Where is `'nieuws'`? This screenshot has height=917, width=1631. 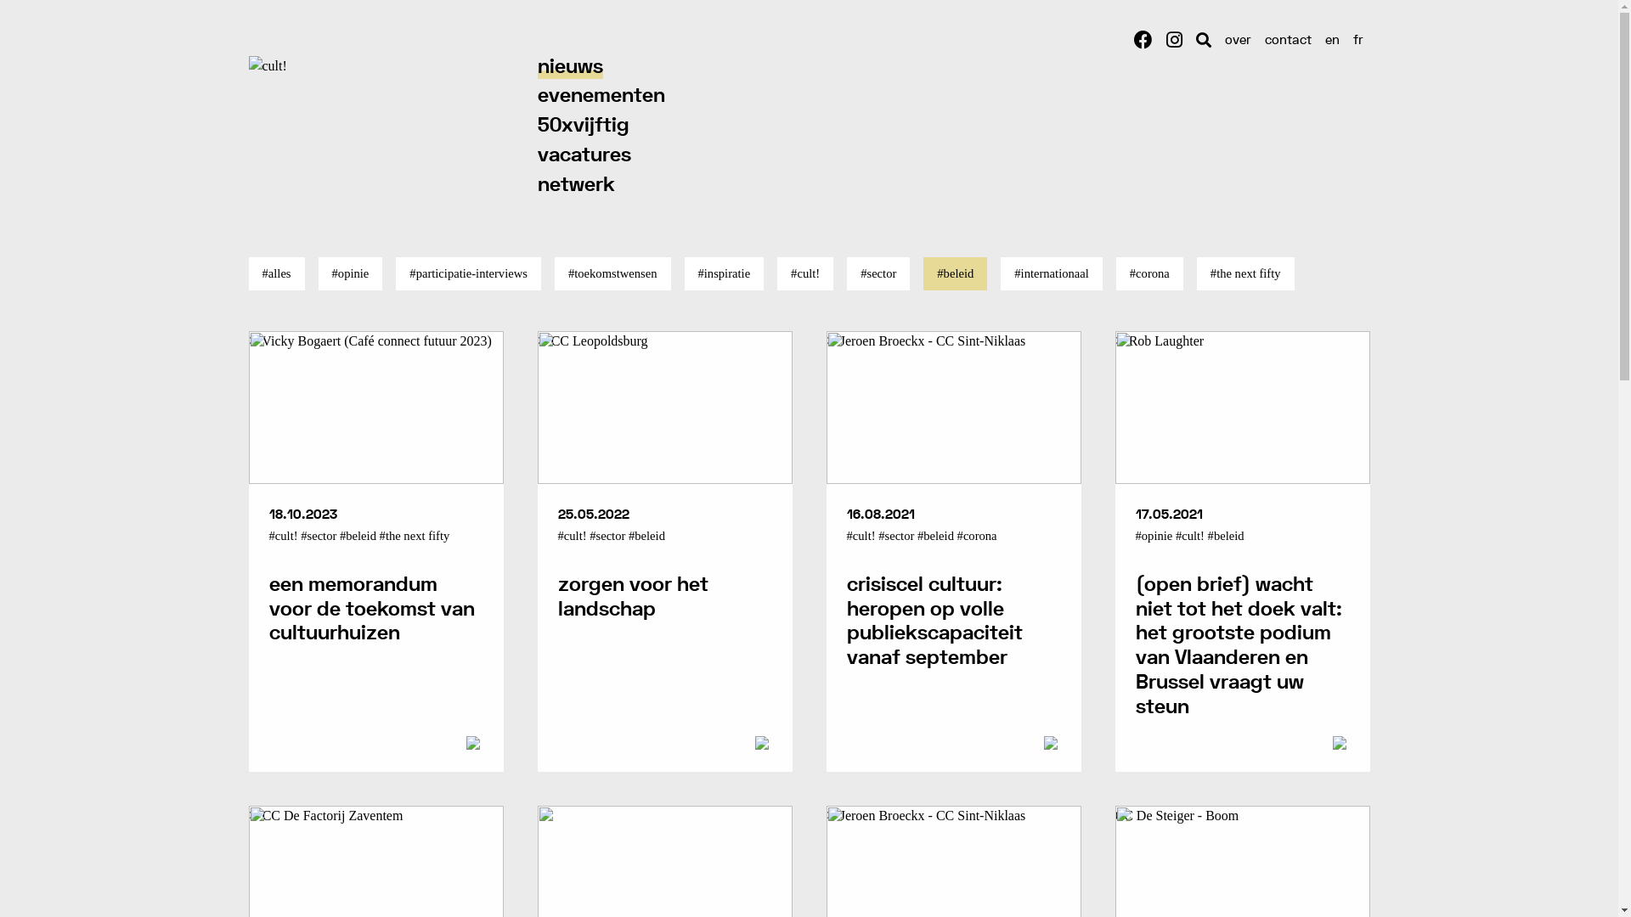 'nieuws' is located at coordinates (569, 66).